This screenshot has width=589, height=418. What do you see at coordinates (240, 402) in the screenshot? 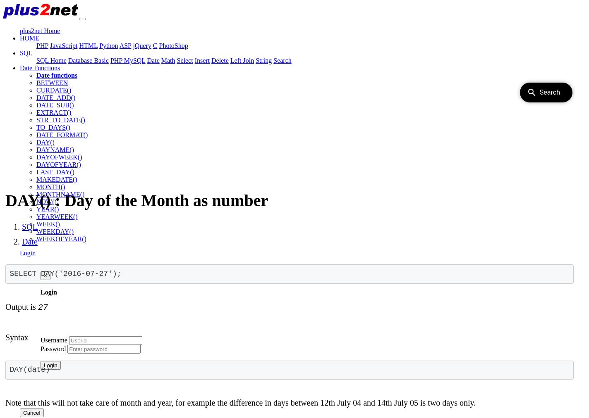
I see `'Note that this will not take care of month and year, for example the difference in days between 12th July 04 and 14th July 05 is two days only.'` at bounding box center [240, 402].